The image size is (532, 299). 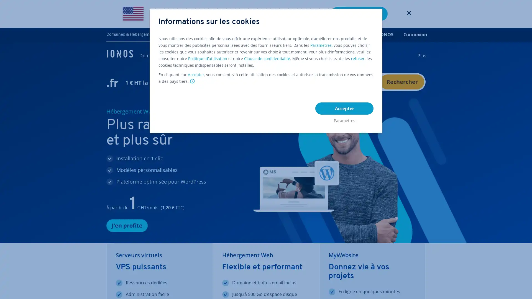 I want to click on Serveurs, so click(x=349, y=55).